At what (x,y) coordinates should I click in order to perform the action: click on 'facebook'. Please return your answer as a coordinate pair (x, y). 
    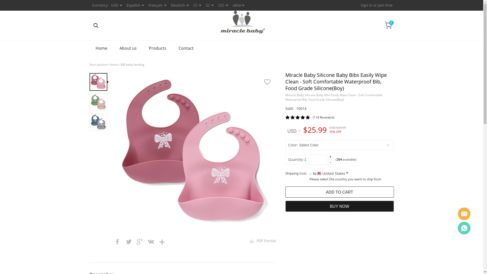
    Looking at the image, I should click on (112, 241).